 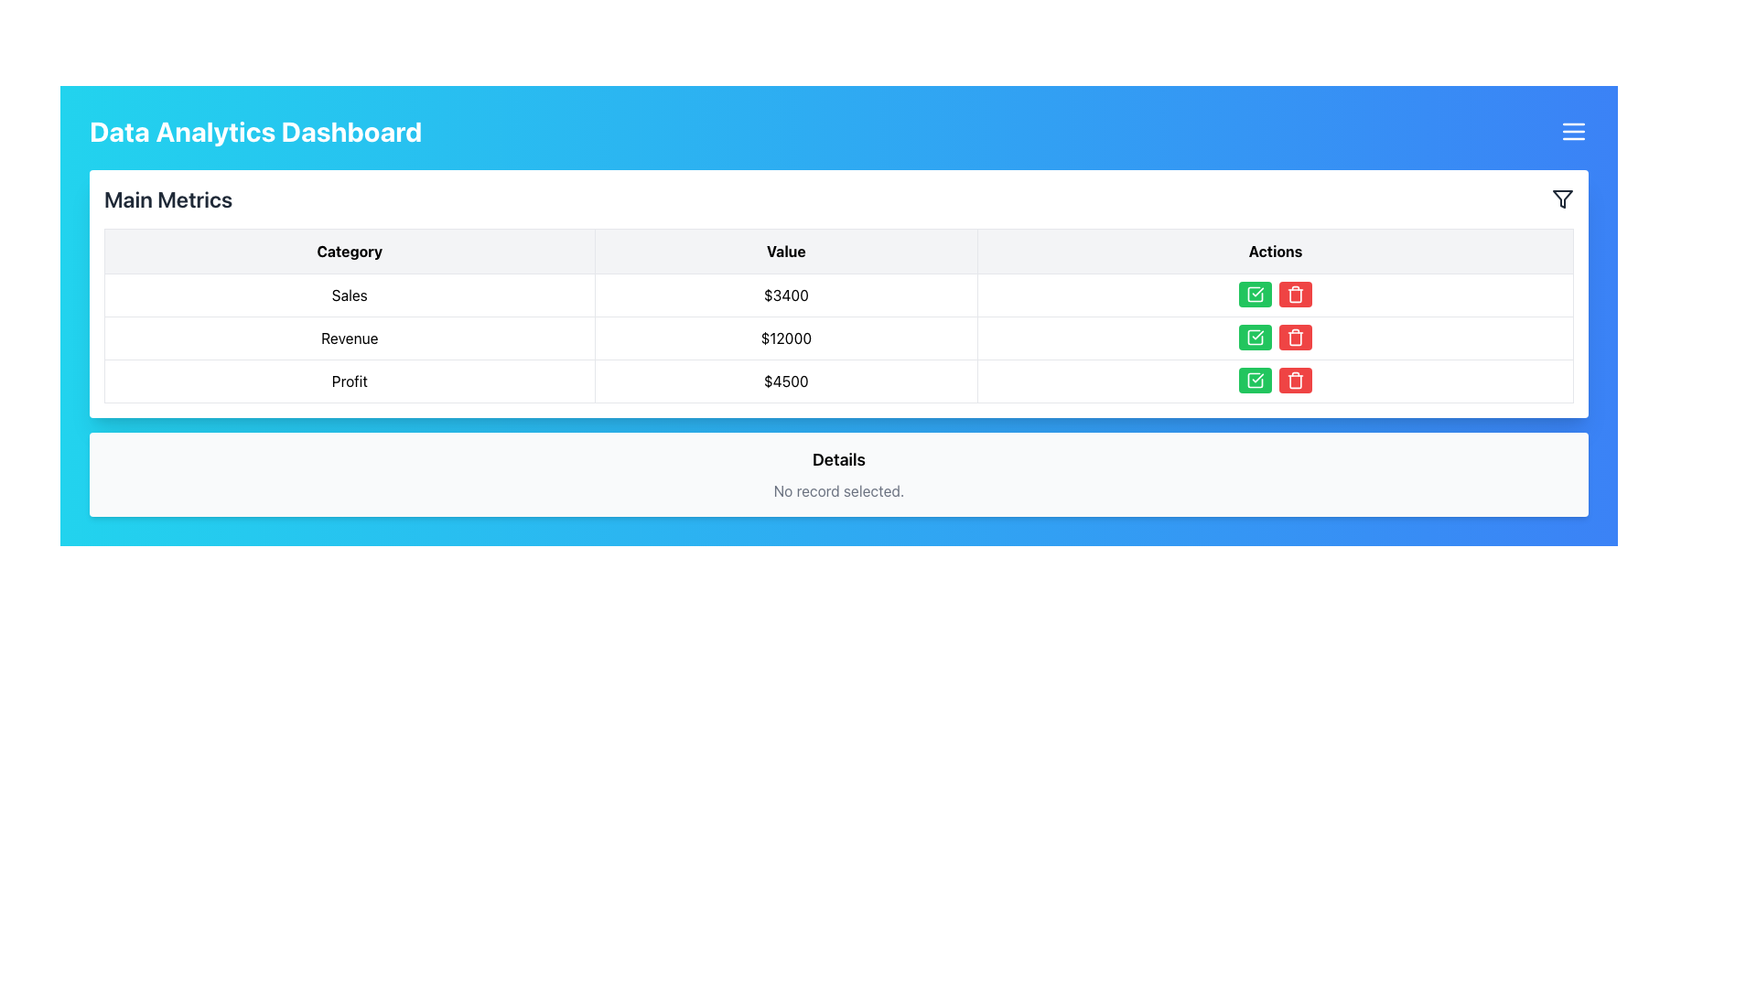 What do you see at coordinates (1255, 338) in the screenshot?
I see `the Vector graphic checkmark icon inside the green 'Validate' button in the 'Actions' column of the data table` at bounding box center [1255, 338].